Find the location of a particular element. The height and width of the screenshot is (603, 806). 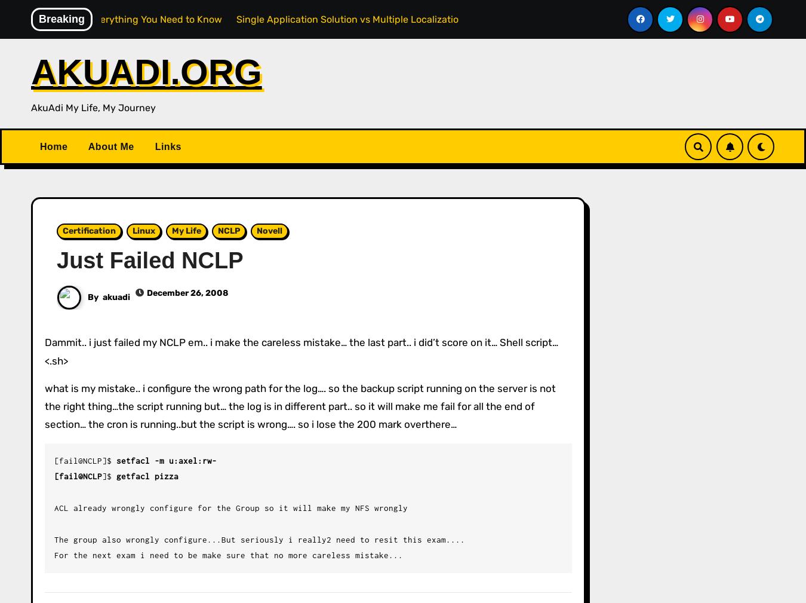

'Comment' is located at coordinates (70, 537).